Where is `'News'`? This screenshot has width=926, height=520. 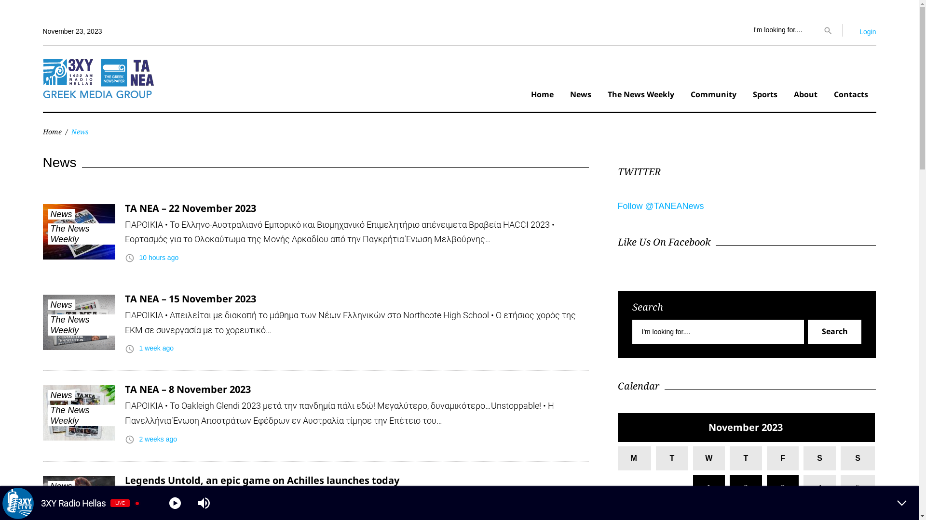
'News' is located at coordinates (60, 213).